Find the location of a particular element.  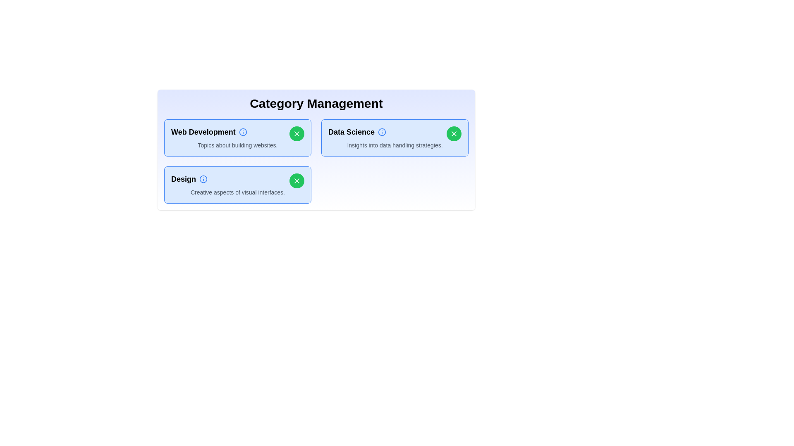

'X' button of the category named Web Development to toggle its selection status is located at coordinates (297, 133).